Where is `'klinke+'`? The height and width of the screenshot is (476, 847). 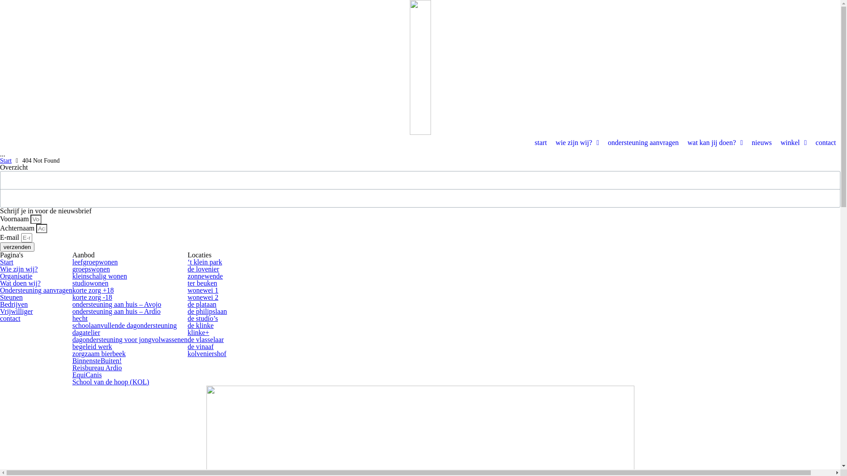
'klinke+' is located at coordinates (198, 332).